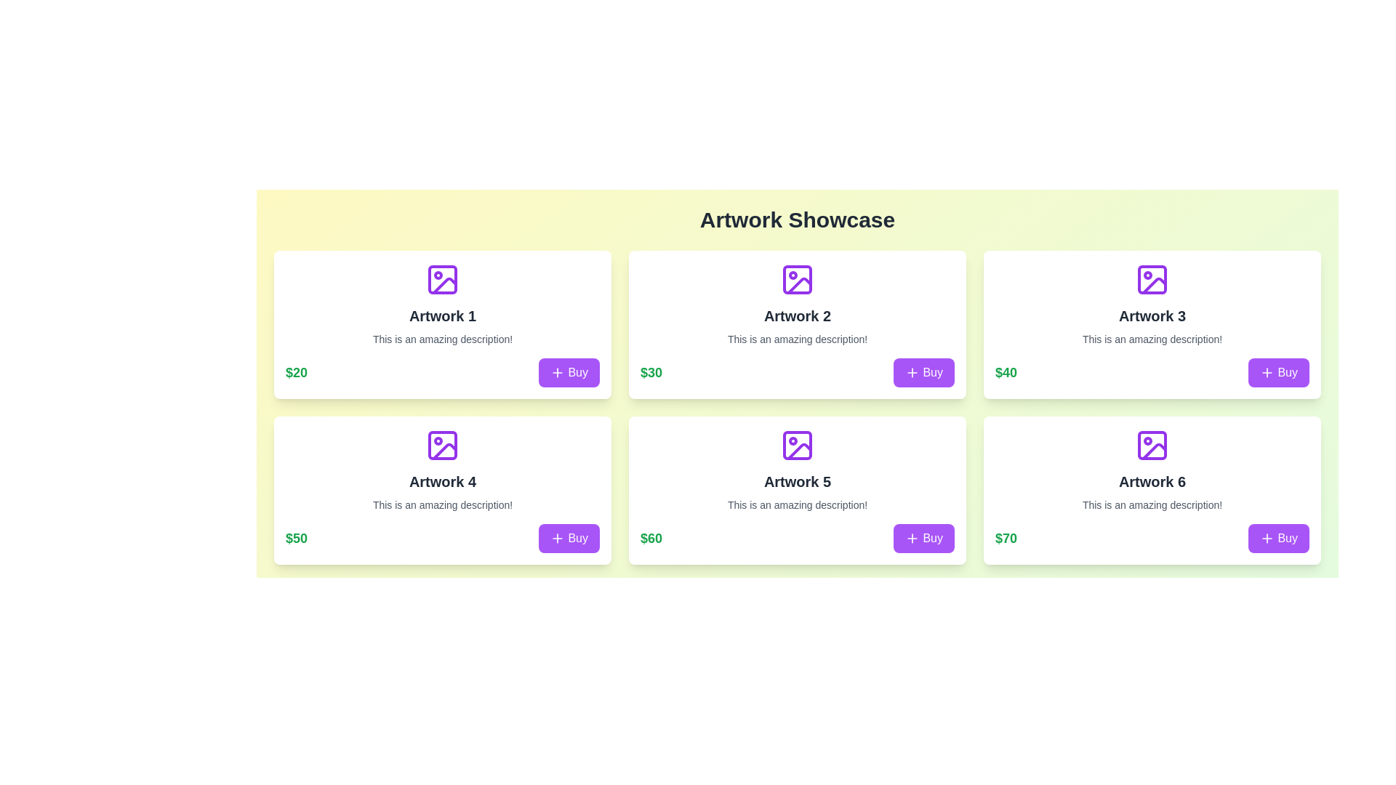  I want to click on the violet-colored photo icon with a circular sun or moon symbol in the top right card ('Artwork 3') of the second row in the grid, so click(1151, 280).